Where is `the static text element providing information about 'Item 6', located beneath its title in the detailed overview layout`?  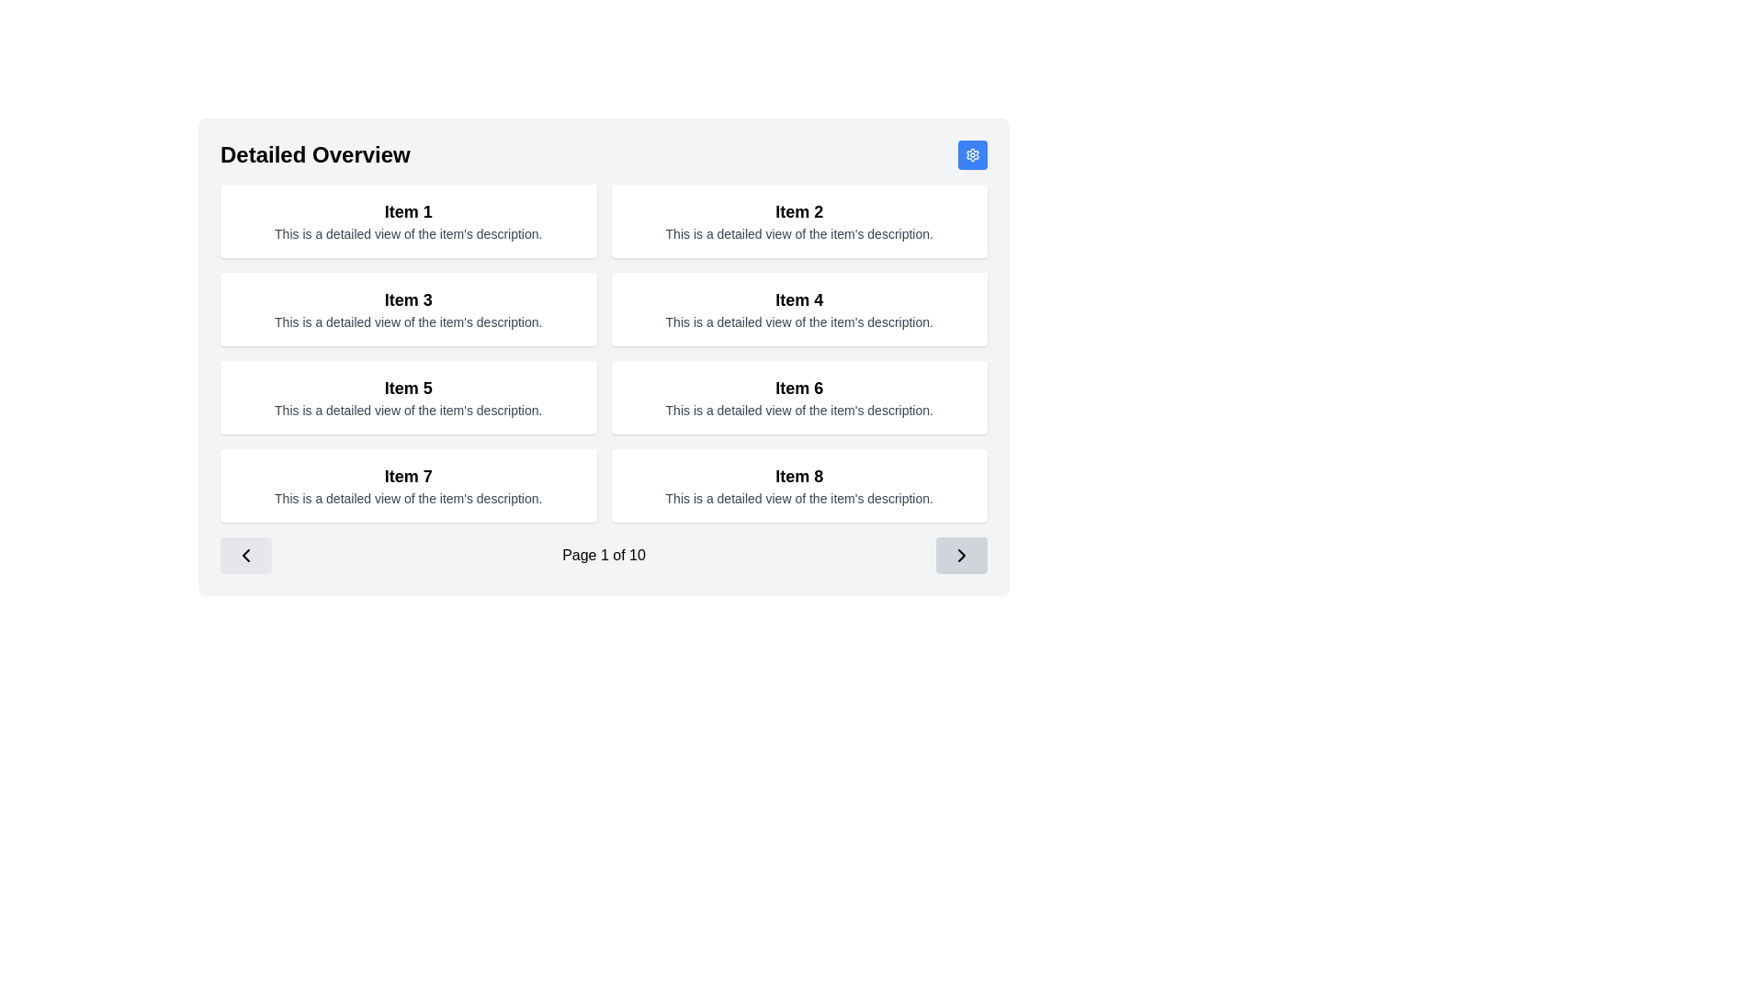 the static text element providing information about 'Item 6', located beneath its title in the detailed overview layout is located at coordinates (799, 410).